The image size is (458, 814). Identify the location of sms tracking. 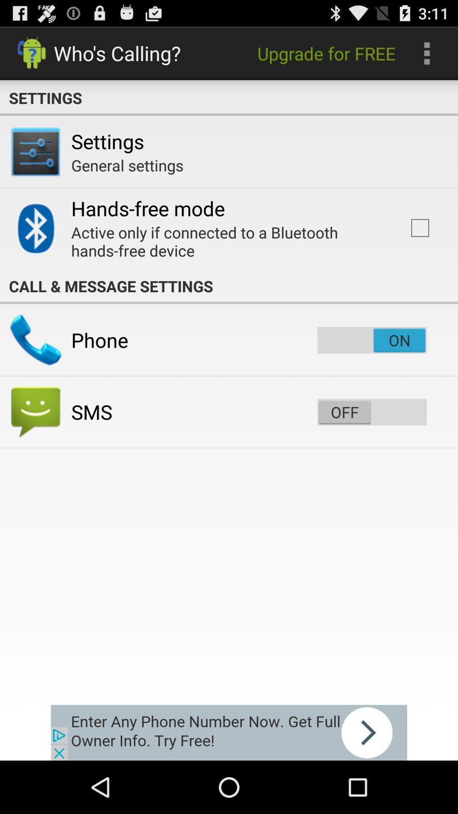
(371, 412).